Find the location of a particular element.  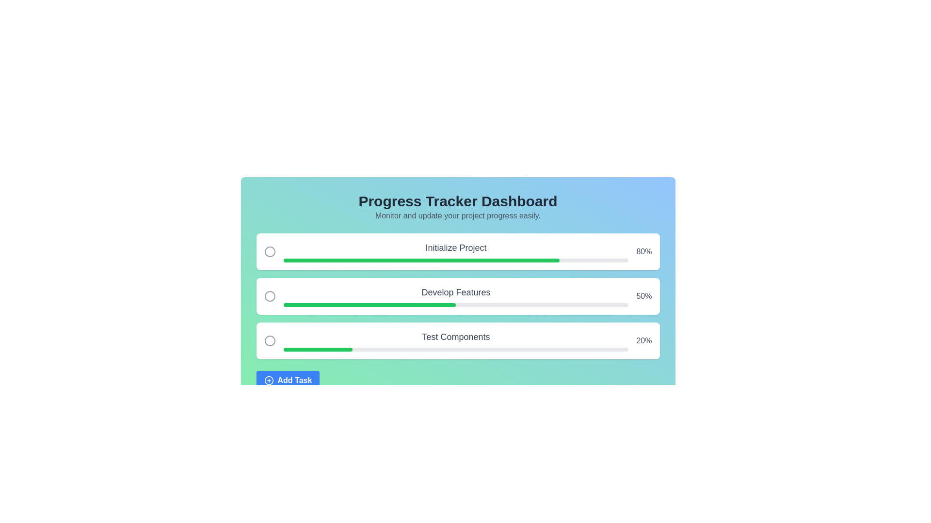

the icon located on the left side of the 'Add Task' button is located at coordinates (269, 380).